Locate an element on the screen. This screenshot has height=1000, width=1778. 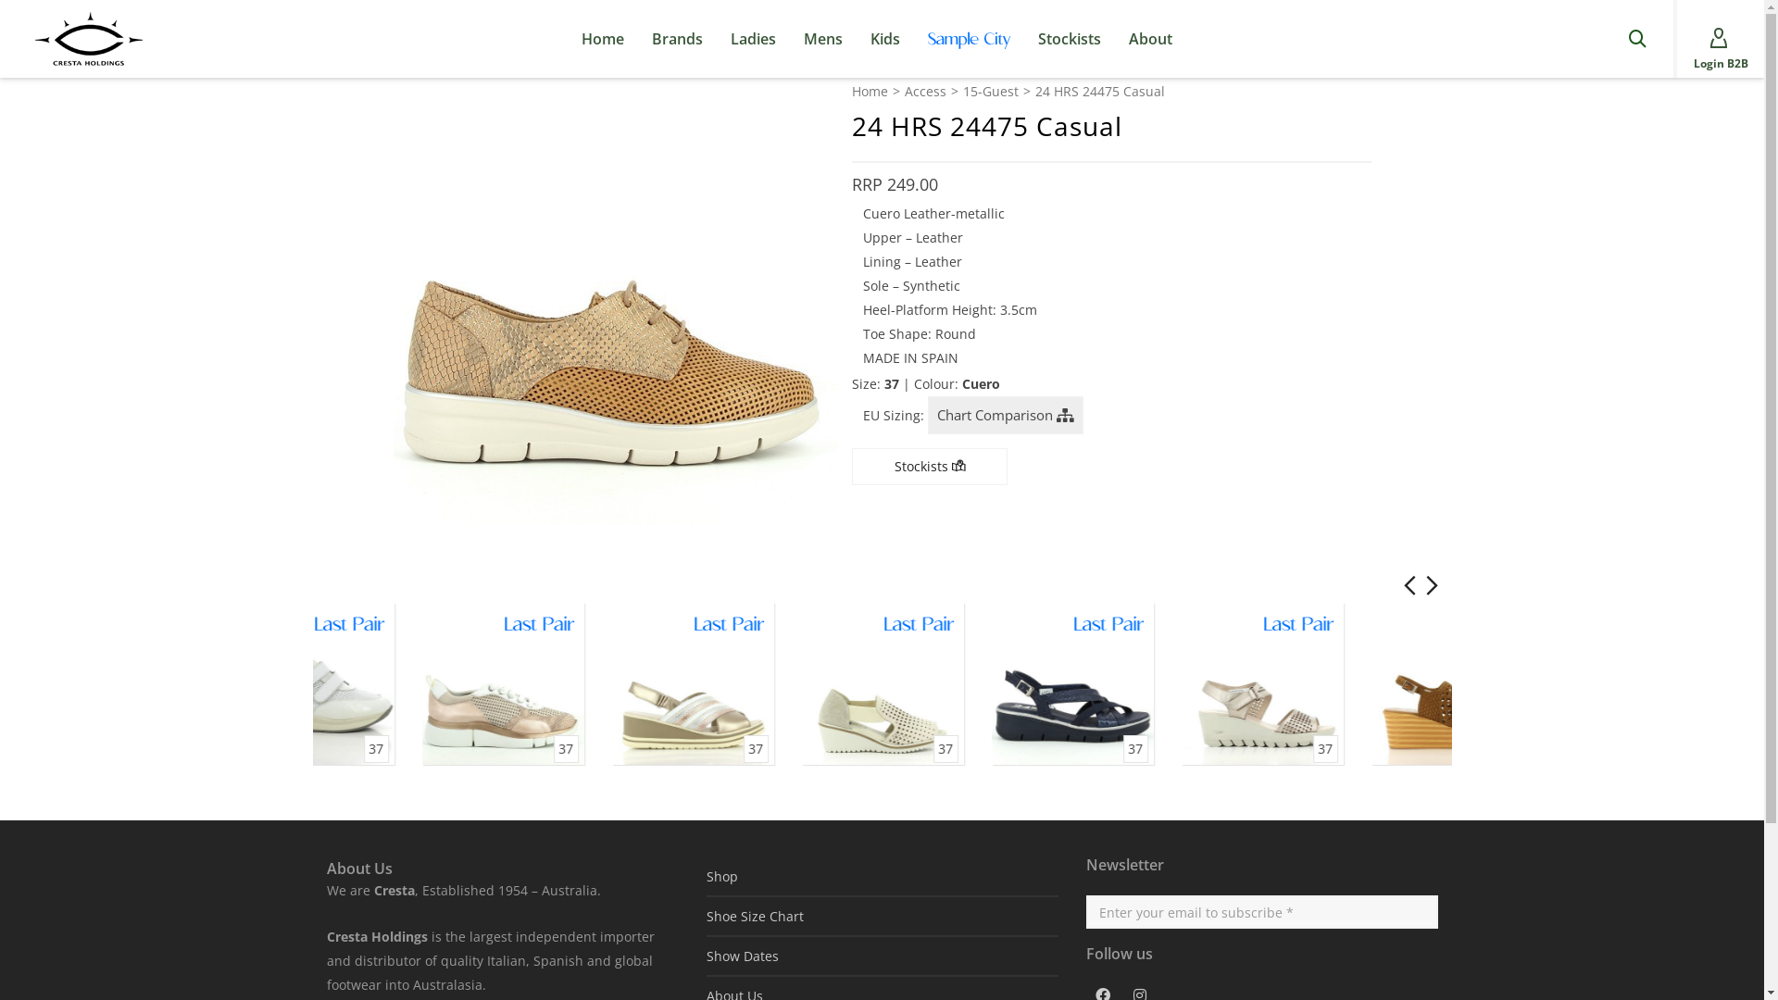
'Shop' is located at coordinates (880, 875).